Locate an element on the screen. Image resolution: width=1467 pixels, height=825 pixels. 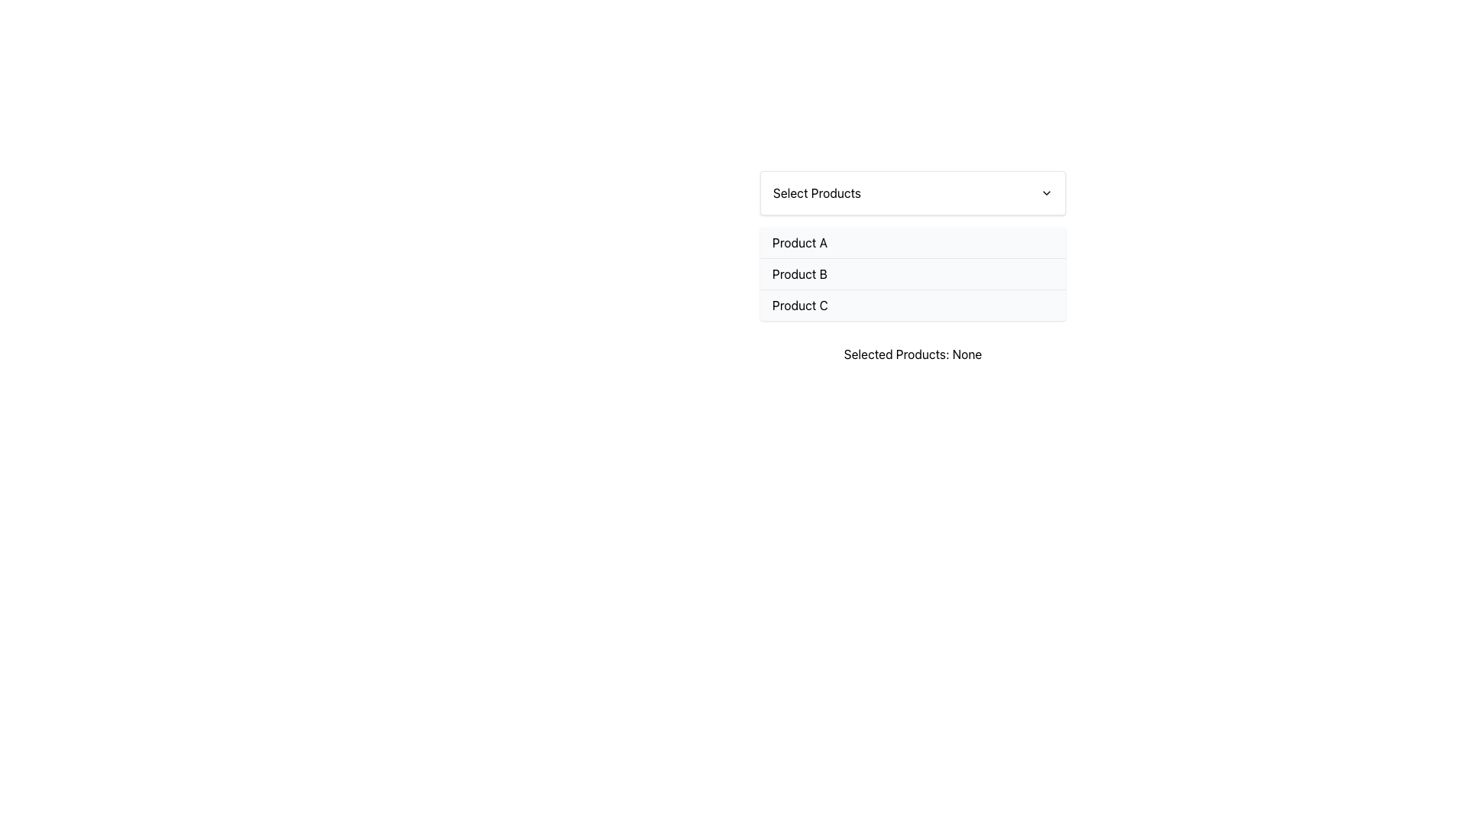
the dropdown list item labeled 'Product B' is located at coordinates (913, 267).